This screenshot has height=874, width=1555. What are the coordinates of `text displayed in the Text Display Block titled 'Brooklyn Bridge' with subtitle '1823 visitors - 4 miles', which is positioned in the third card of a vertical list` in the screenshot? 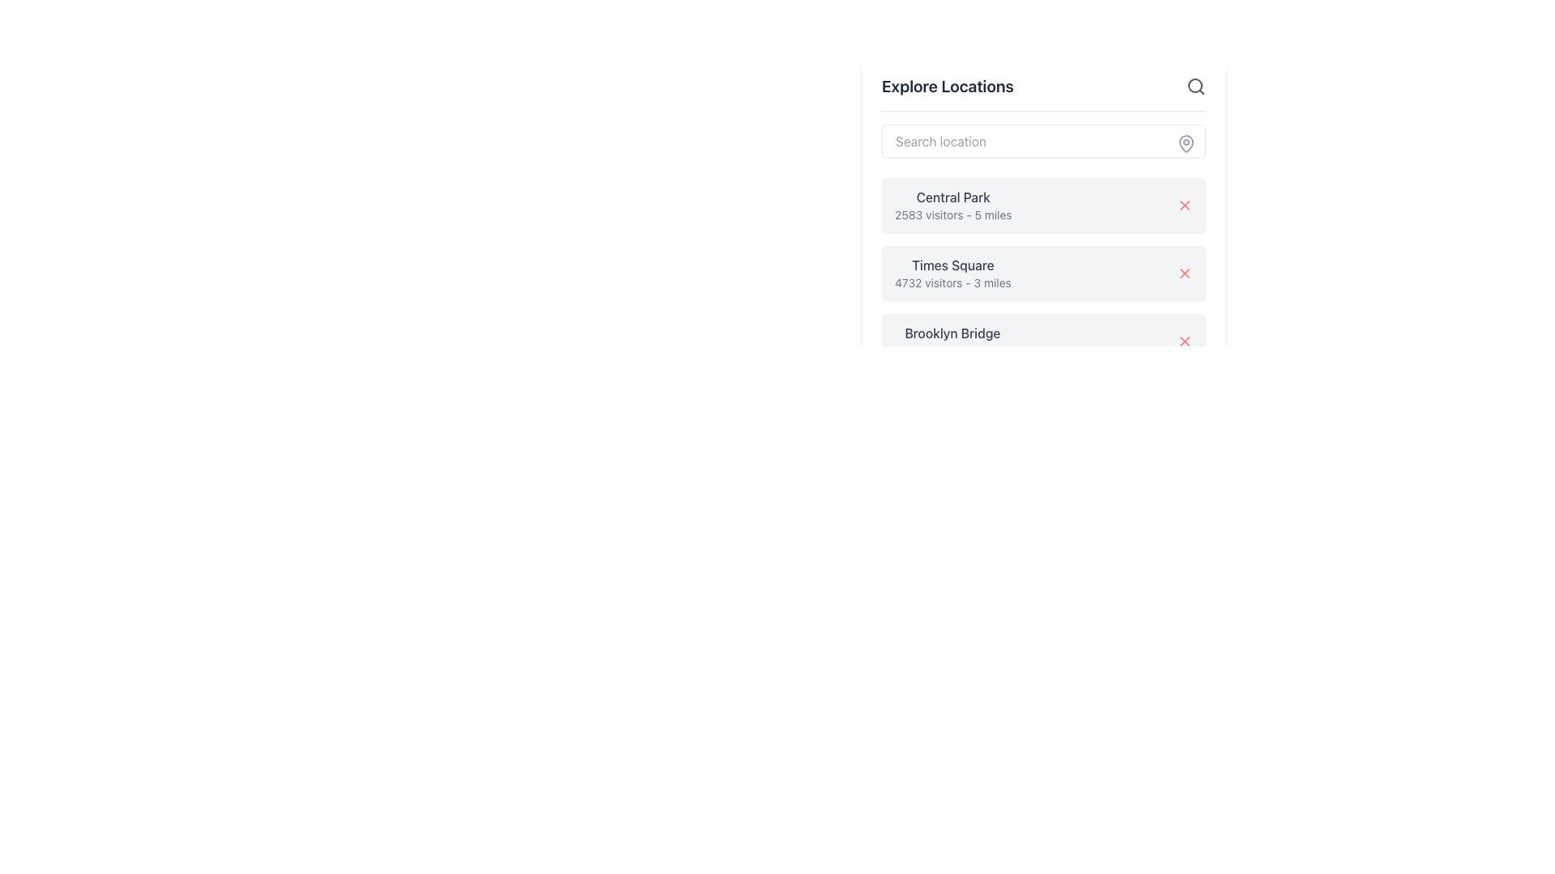 It's located at (952, 340).